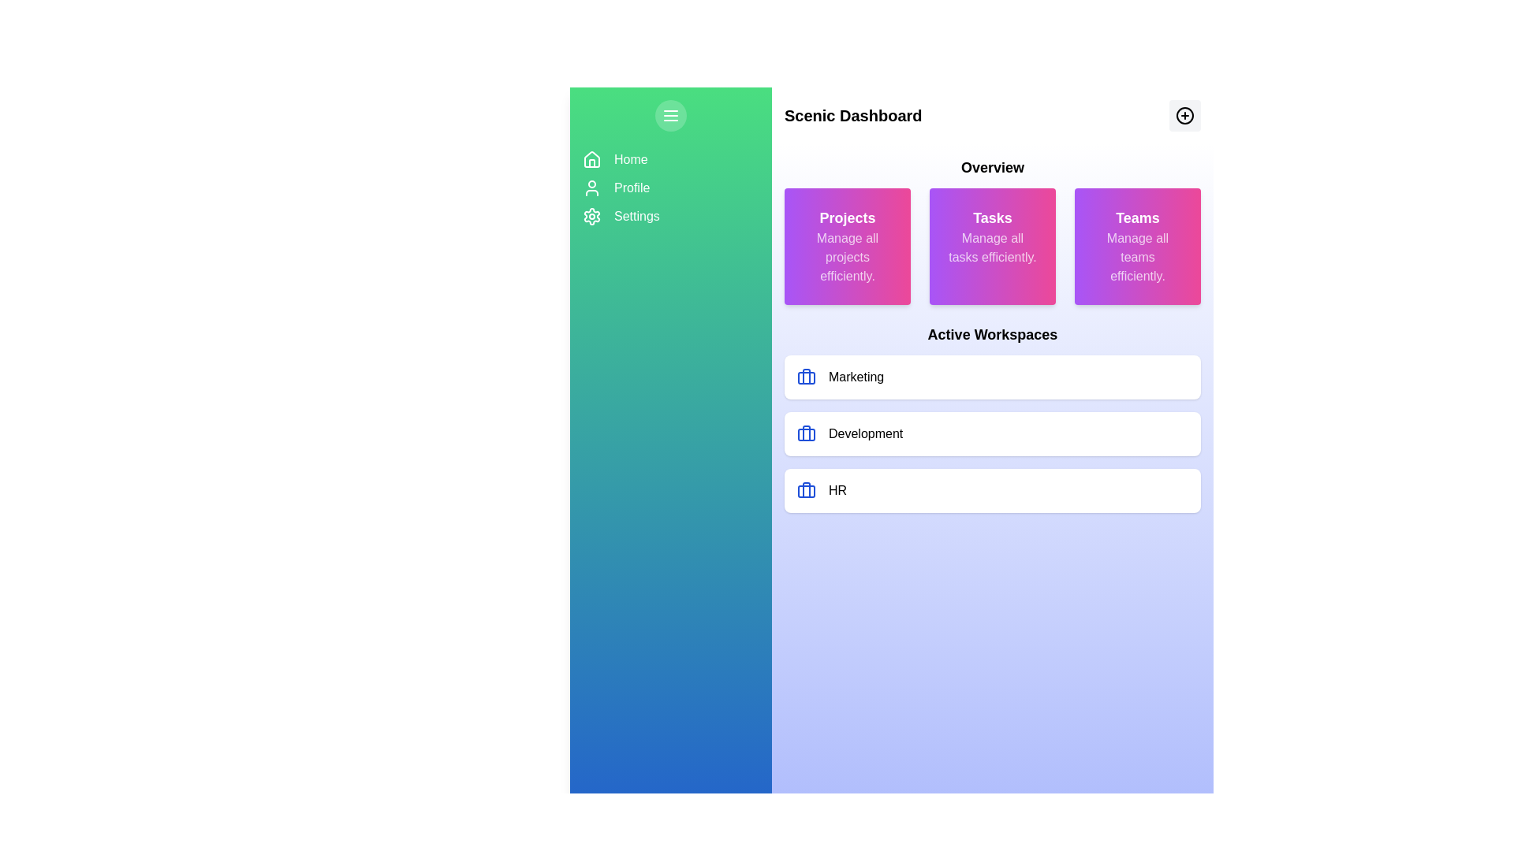 This screenshot has width=1514, height=851. Describe the element at coordinates (991, 377) in the screenshot. I see `the 'Marketing' workspace card located in the 'Active Workspaces' section` at that location.